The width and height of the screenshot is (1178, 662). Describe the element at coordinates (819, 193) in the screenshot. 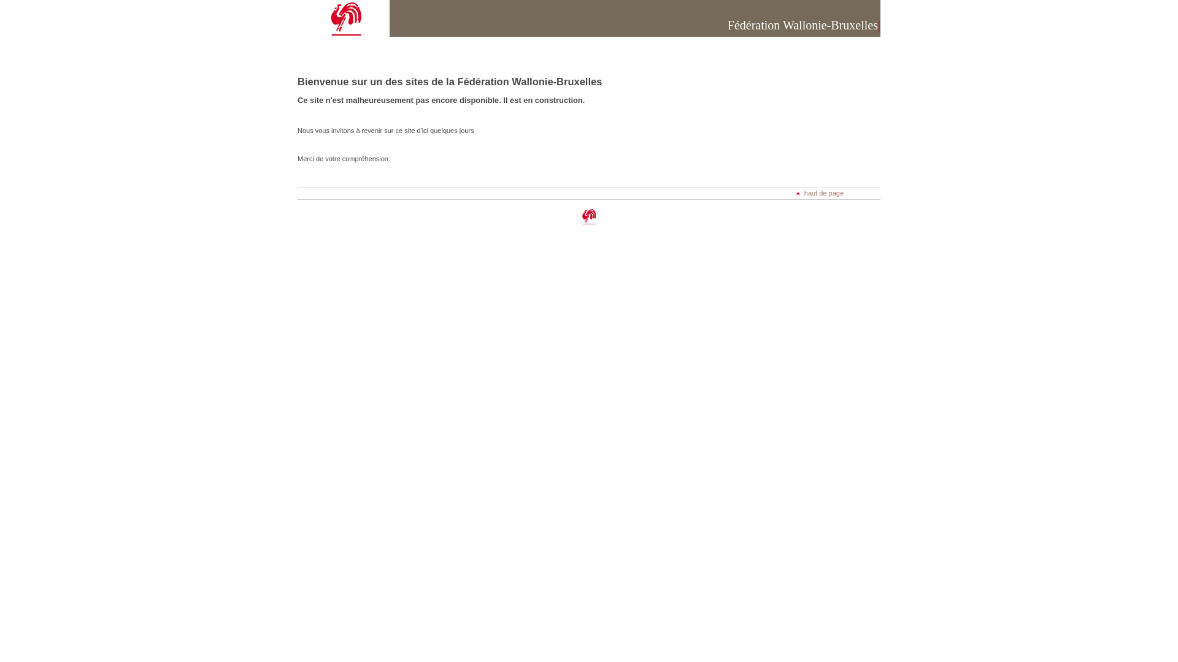

I see `'haut de page'` at that location.